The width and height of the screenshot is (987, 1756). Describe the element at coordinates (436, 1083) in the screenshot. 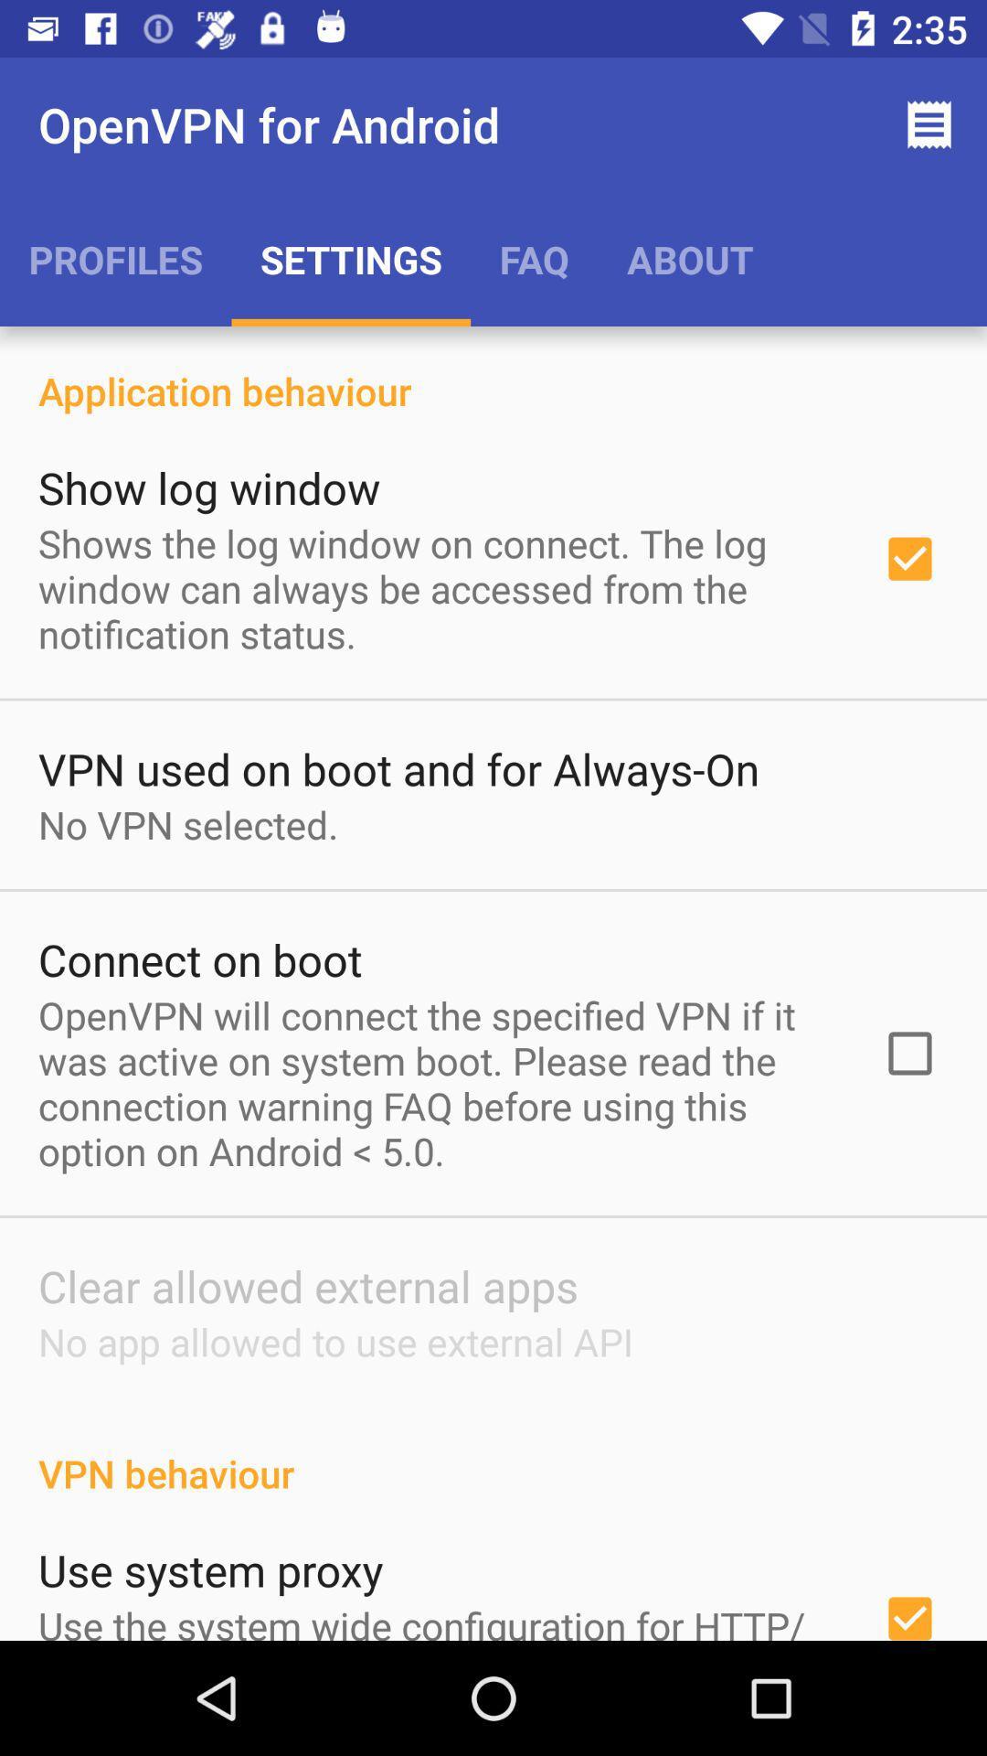

I see `icon above clear allowed external item` at that location.